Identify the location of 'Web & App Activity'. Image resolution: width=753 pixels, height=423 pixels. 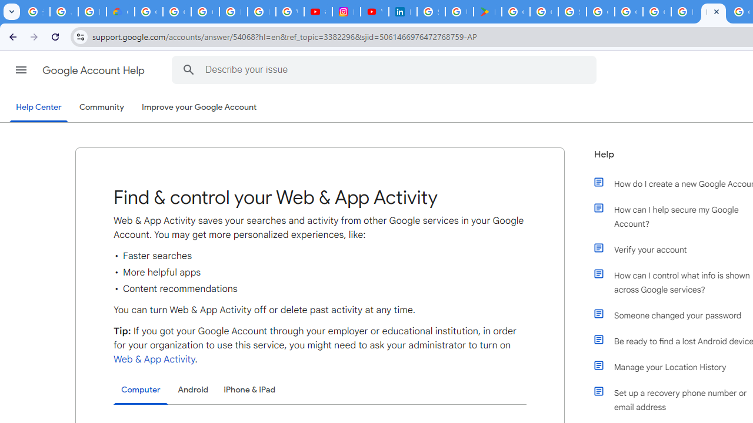
(154, 359).